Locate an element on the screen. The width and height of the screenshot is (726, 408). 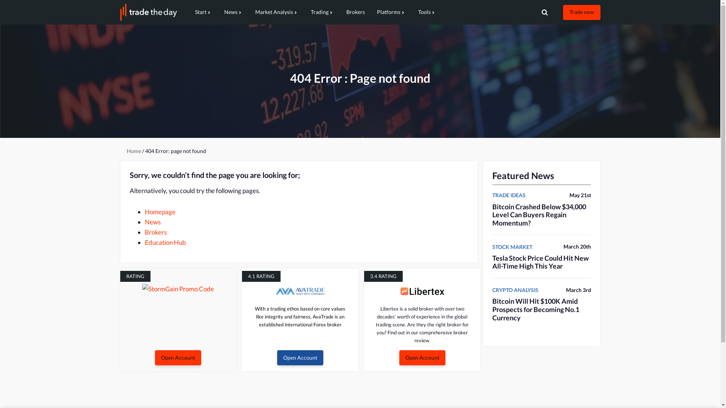
'Trading' is located at coordinates (323, 12).